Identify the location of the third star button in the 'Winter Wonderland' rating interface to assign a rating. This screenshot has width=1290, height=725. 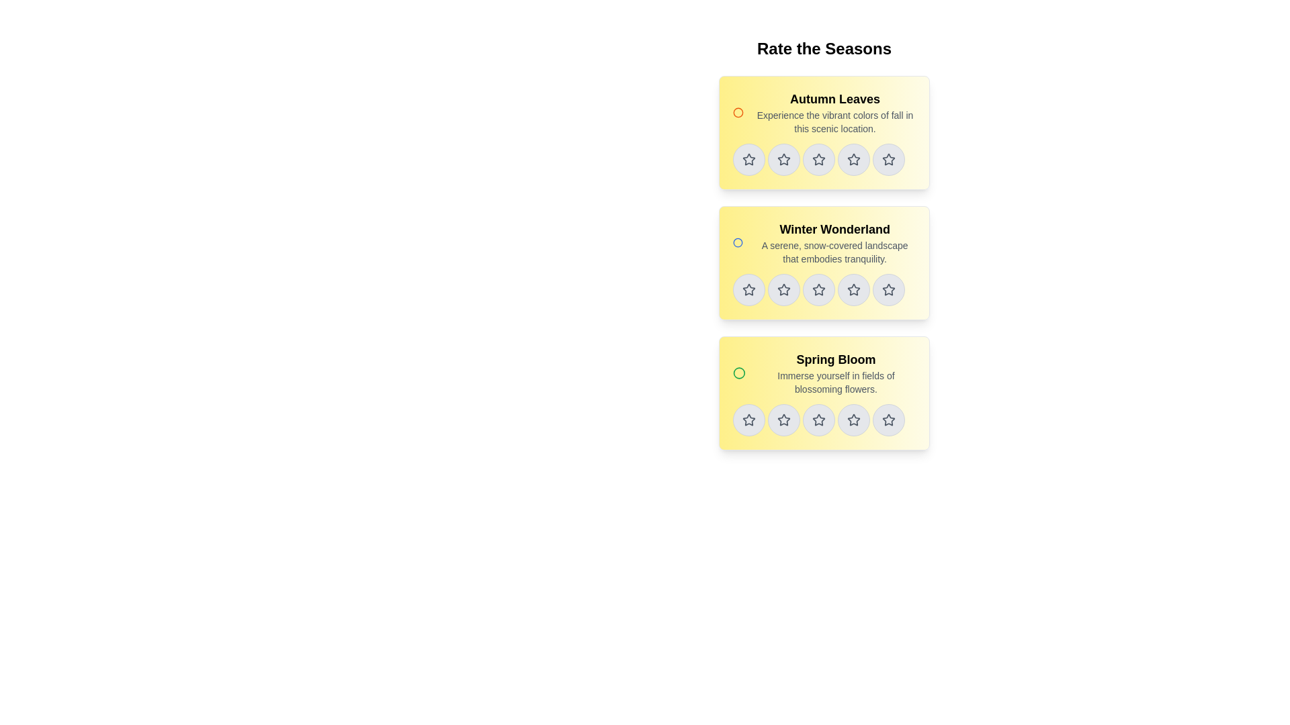
(818, 289).